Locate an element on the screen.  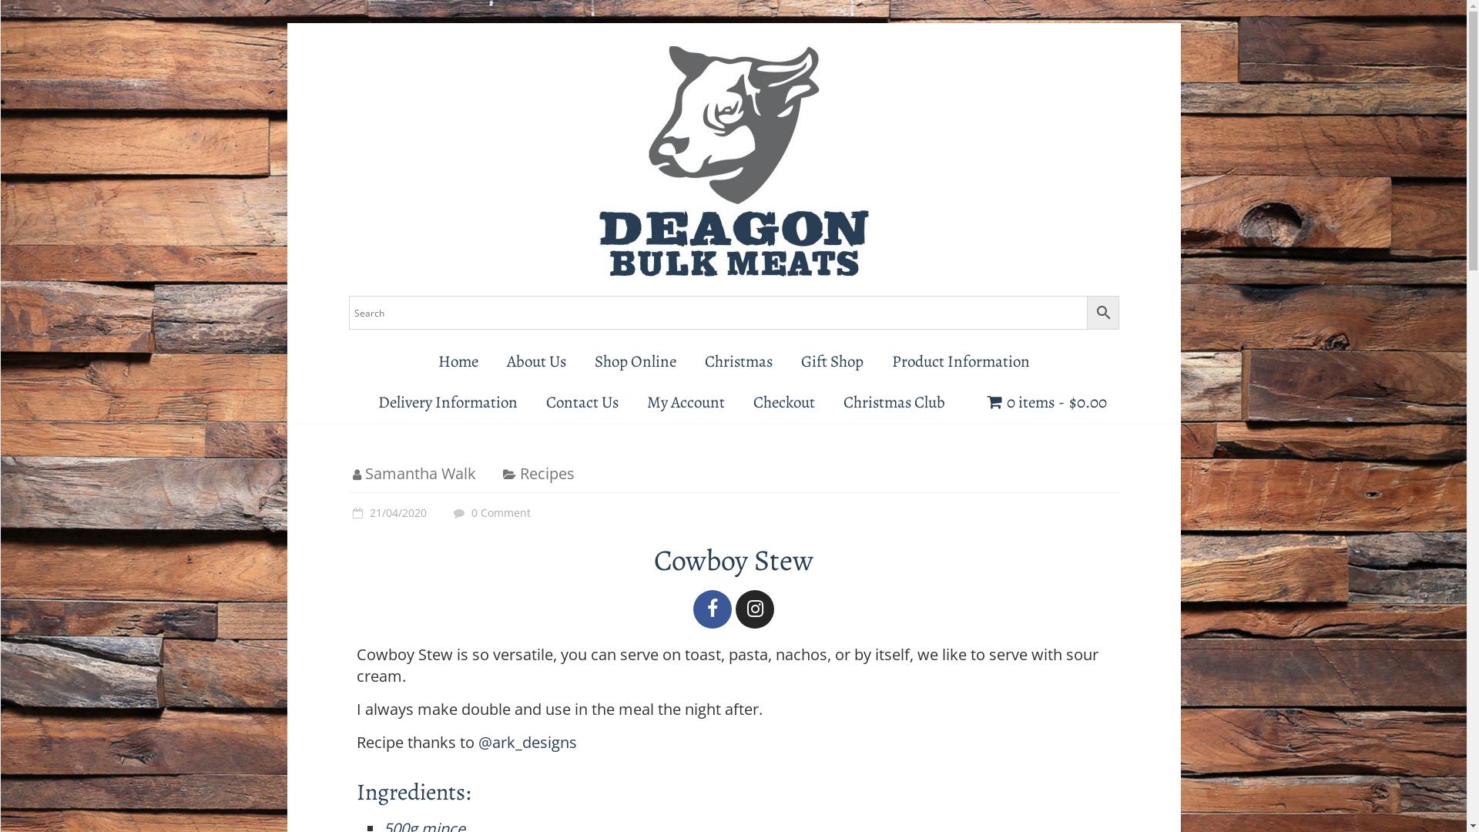
'Delivery Information' is located at coordinates (447, 401).